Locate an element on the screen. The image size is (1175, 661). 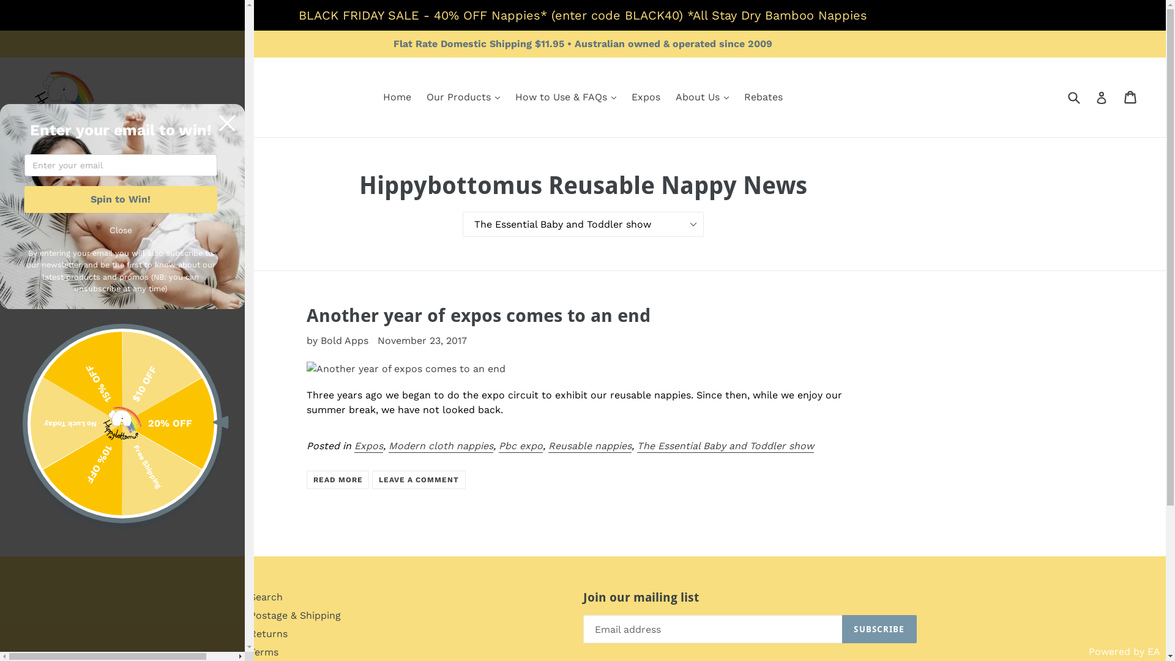
'Spin to Win!' is located at coordinates (121, 199).